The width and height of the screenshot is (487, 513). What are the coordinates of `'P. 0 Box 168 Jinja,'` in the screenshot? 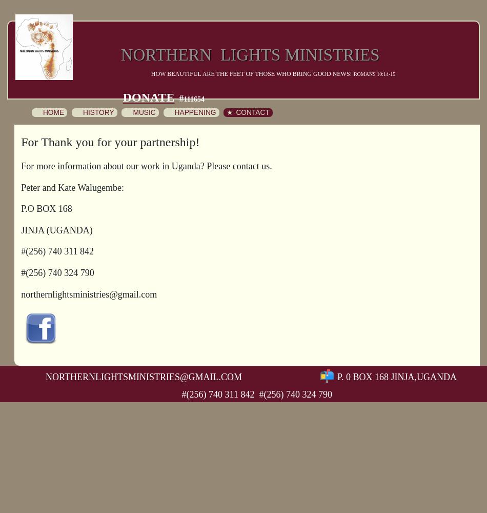 It's located at (376, 376).